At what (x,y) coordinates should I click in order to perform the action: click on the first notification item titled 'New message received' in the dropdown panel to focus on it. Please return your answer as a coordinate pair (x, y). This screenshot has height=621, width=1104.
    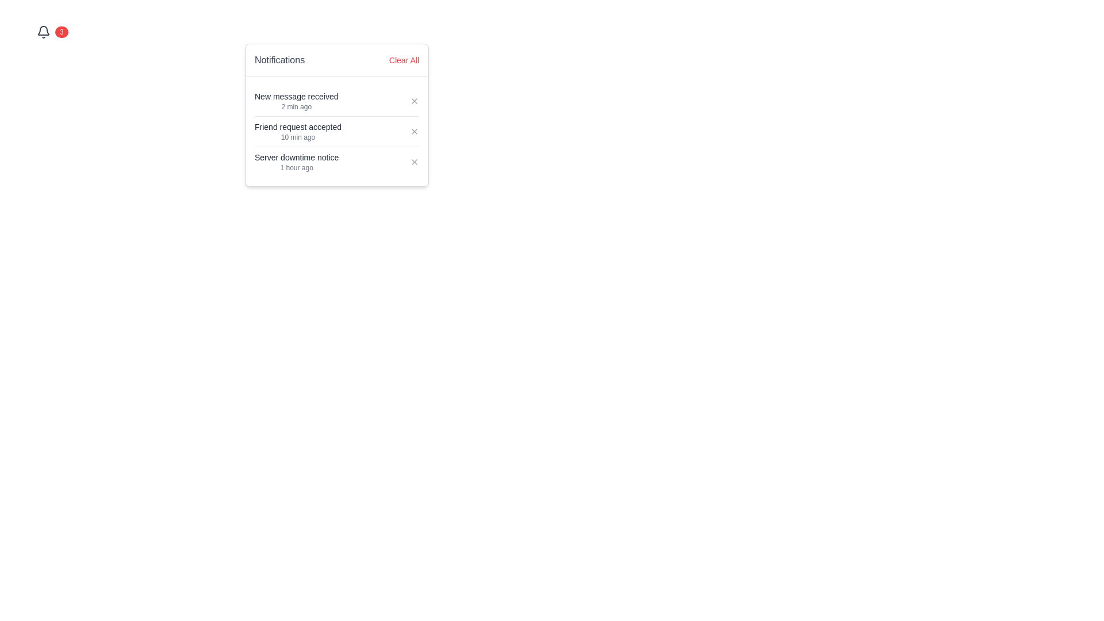
    Looking at the image, I should click on (336, 101).